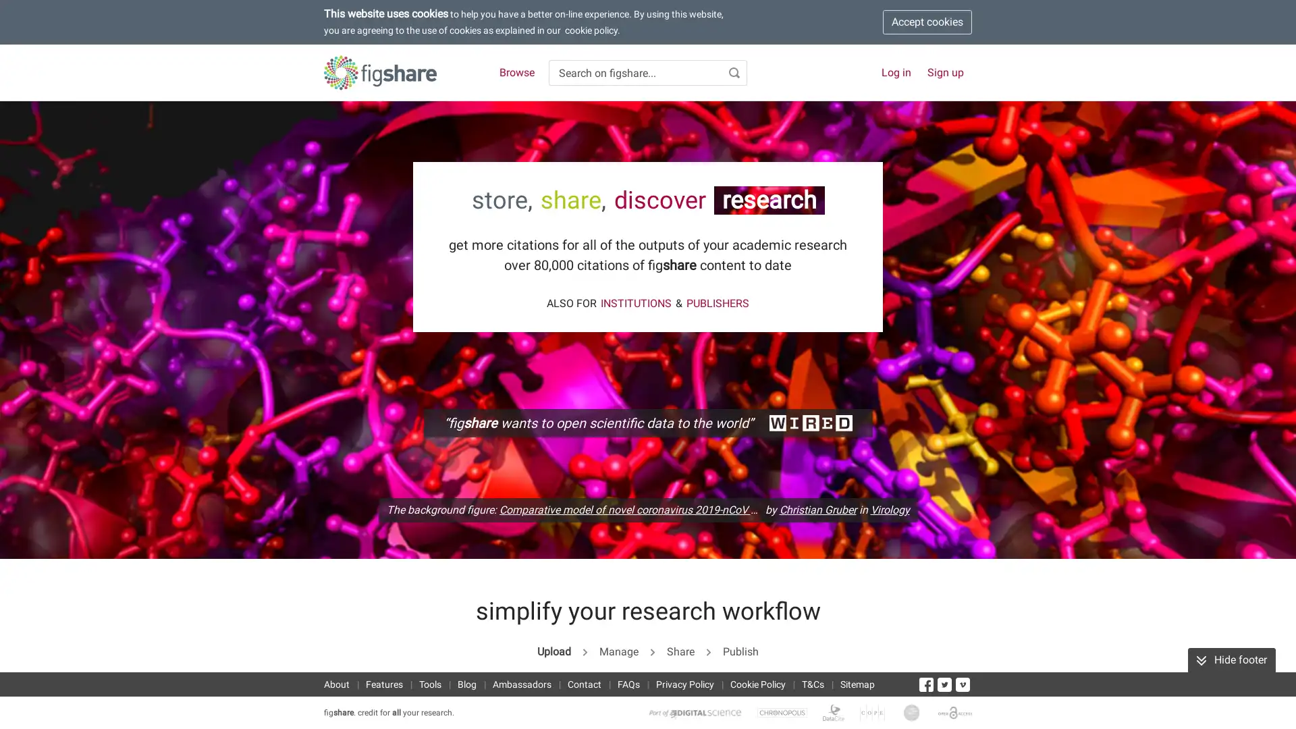 The image size is (1296, 729). I want to click on Share, so click(680, 651).